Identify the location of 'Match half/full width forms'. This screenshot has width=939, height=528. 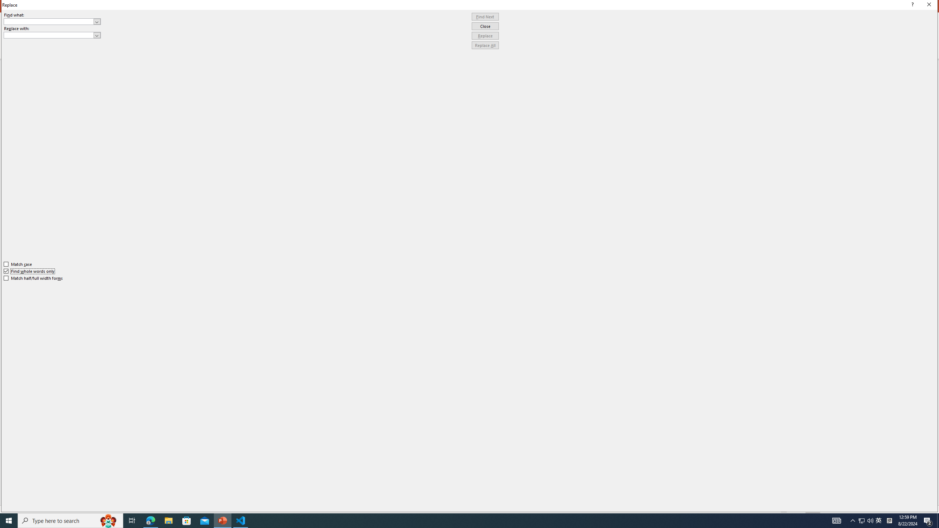
(33, 278).